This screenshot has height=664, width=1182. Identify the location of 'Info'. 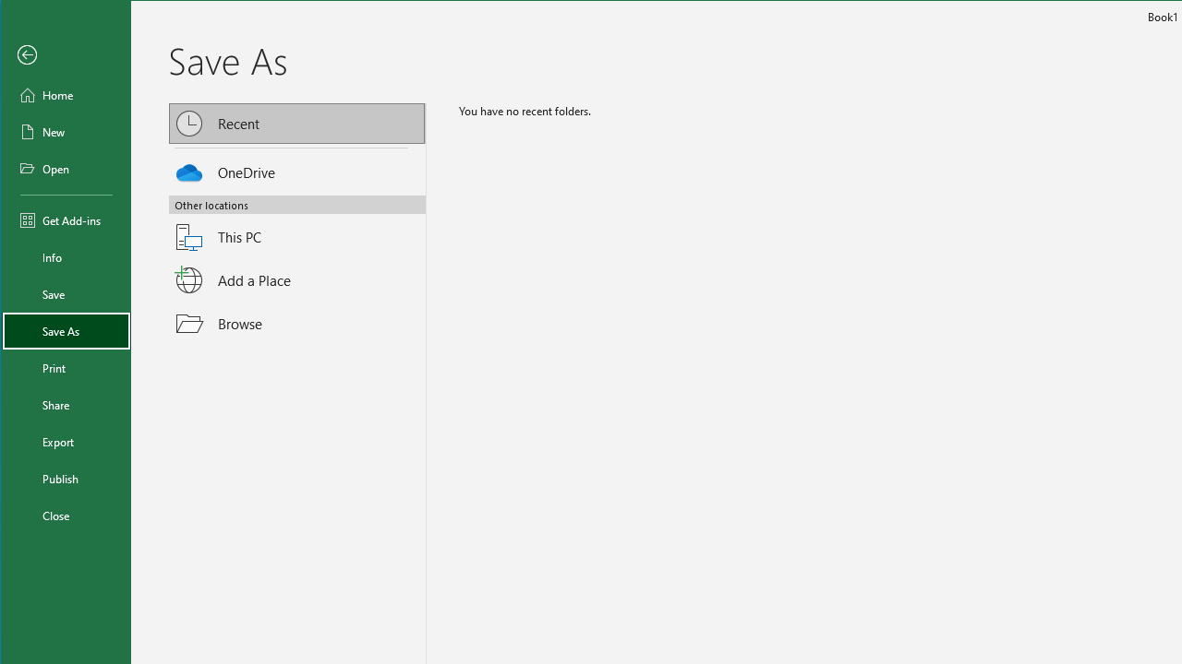
(66, 257).